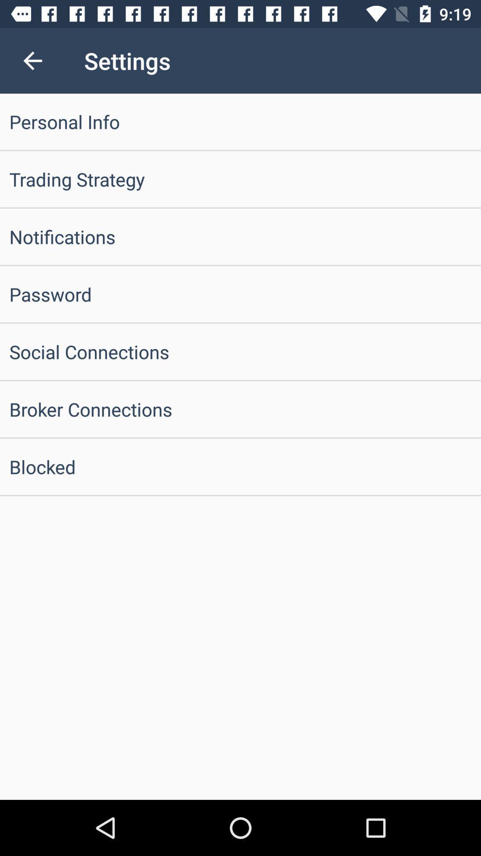 The width and height of the screenshot is (481, 856). What do you see at coordinates (240, 121) in the screenshot?
I see `personal info item` at bounding box center [240, 121].